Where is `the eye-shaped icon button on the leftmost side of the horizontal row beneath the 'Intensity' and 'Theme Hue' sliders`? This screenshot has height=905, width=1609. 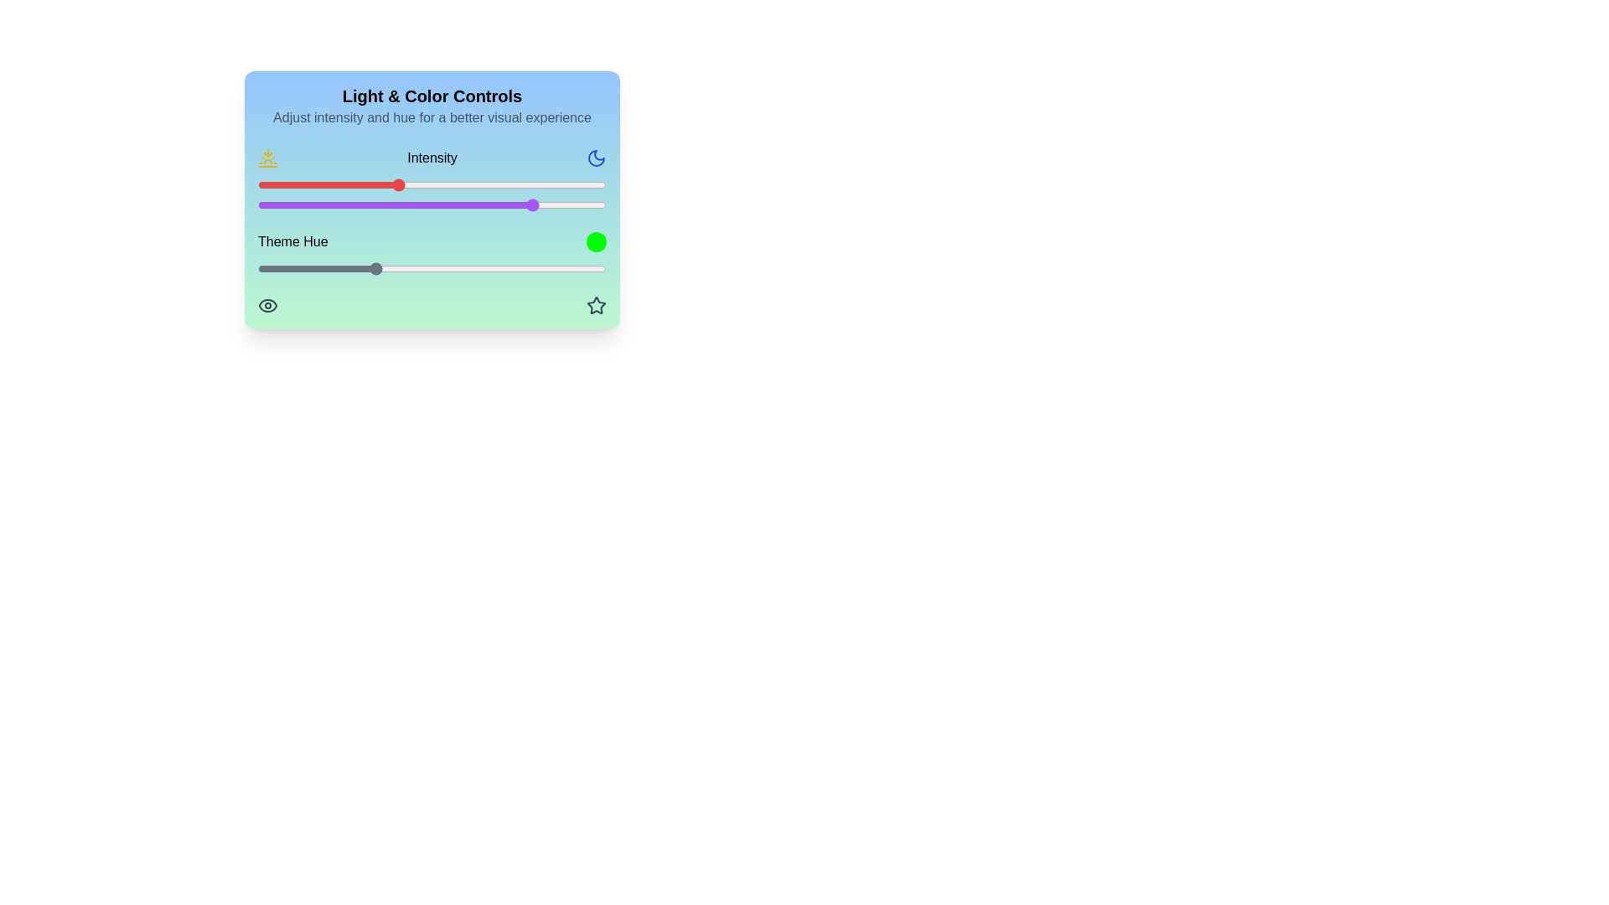
the eye-shaped icon button on the leftmost side of the horizontal row beneath the 'Intensity' and 'Theme Hue' sliders is located at coordinates (268, 306).